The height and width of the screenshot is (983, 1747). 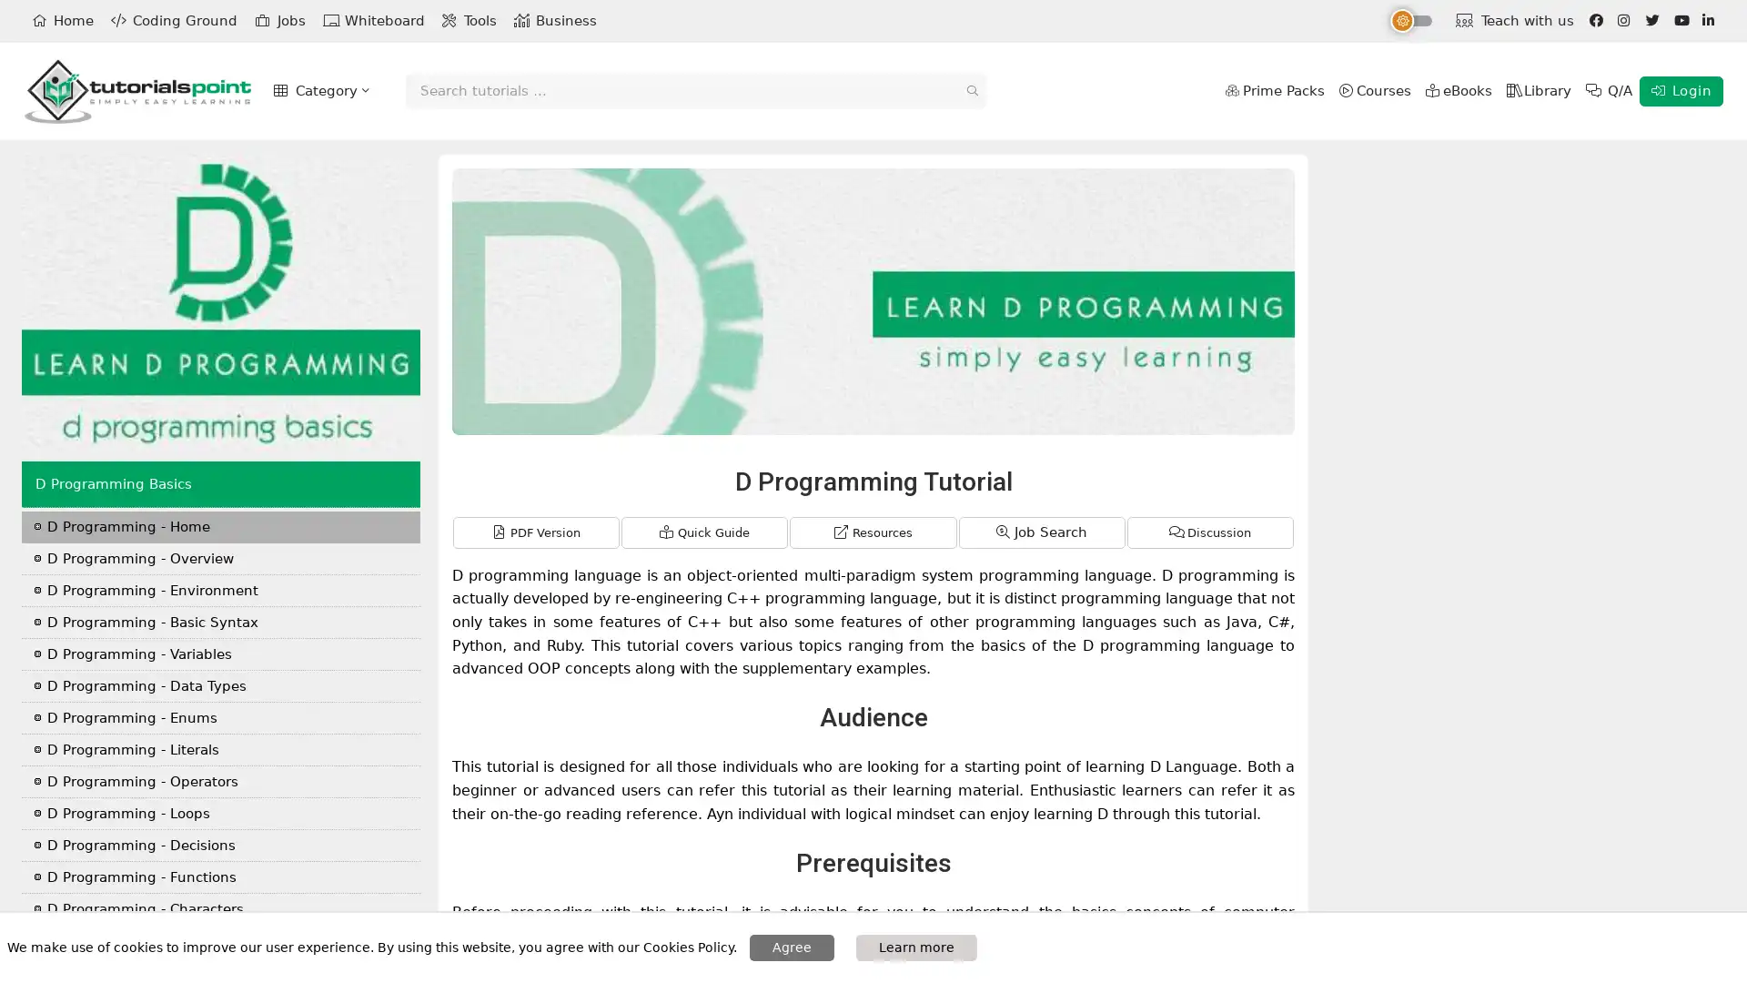 I want to click on Resources, so click(x=872, y=512).